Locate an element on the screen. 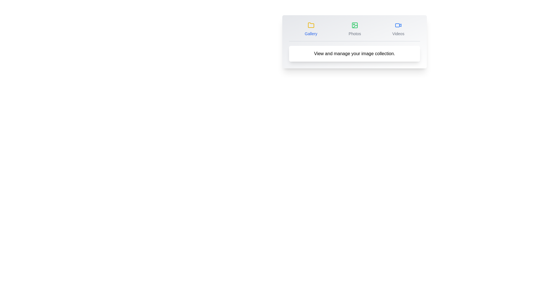 The image size is (542, 304). the Gallery tab is located at coordinates (311, 29).